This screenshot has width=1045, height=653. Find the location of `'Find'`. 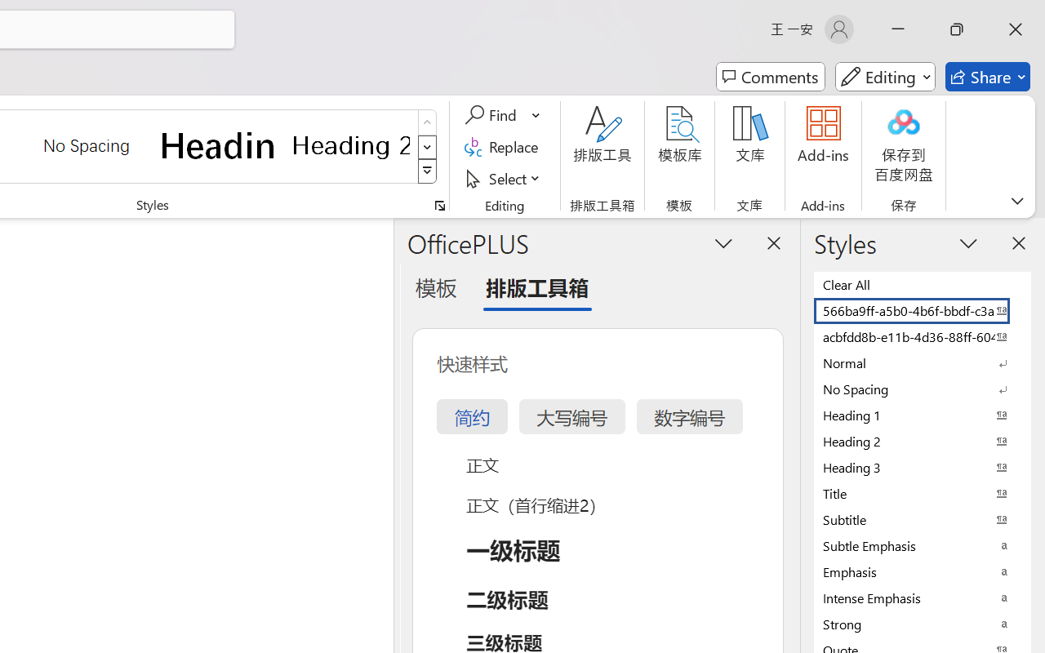

'Find' is located at coordinates (492, 115).